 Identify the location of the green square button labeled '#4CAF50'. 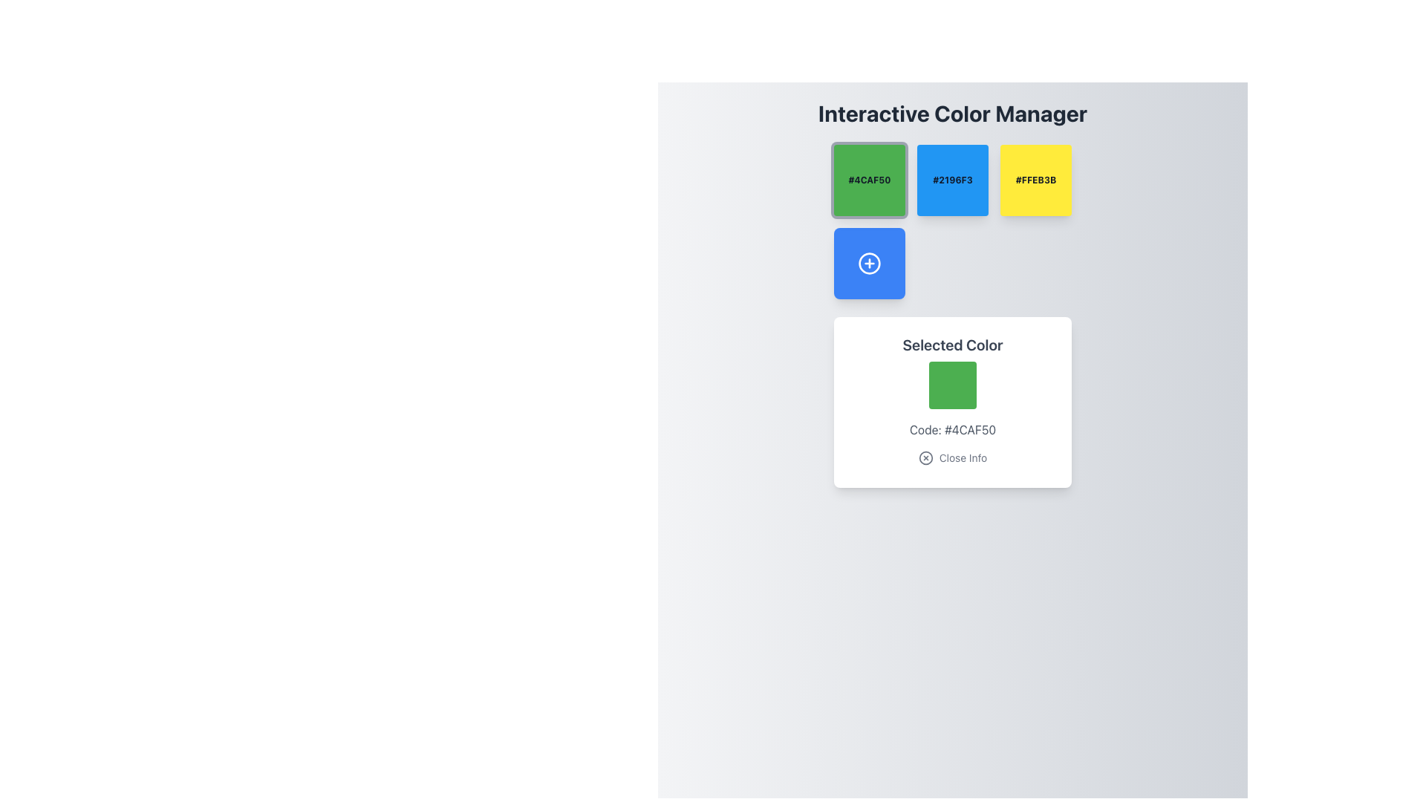
(870, 180).